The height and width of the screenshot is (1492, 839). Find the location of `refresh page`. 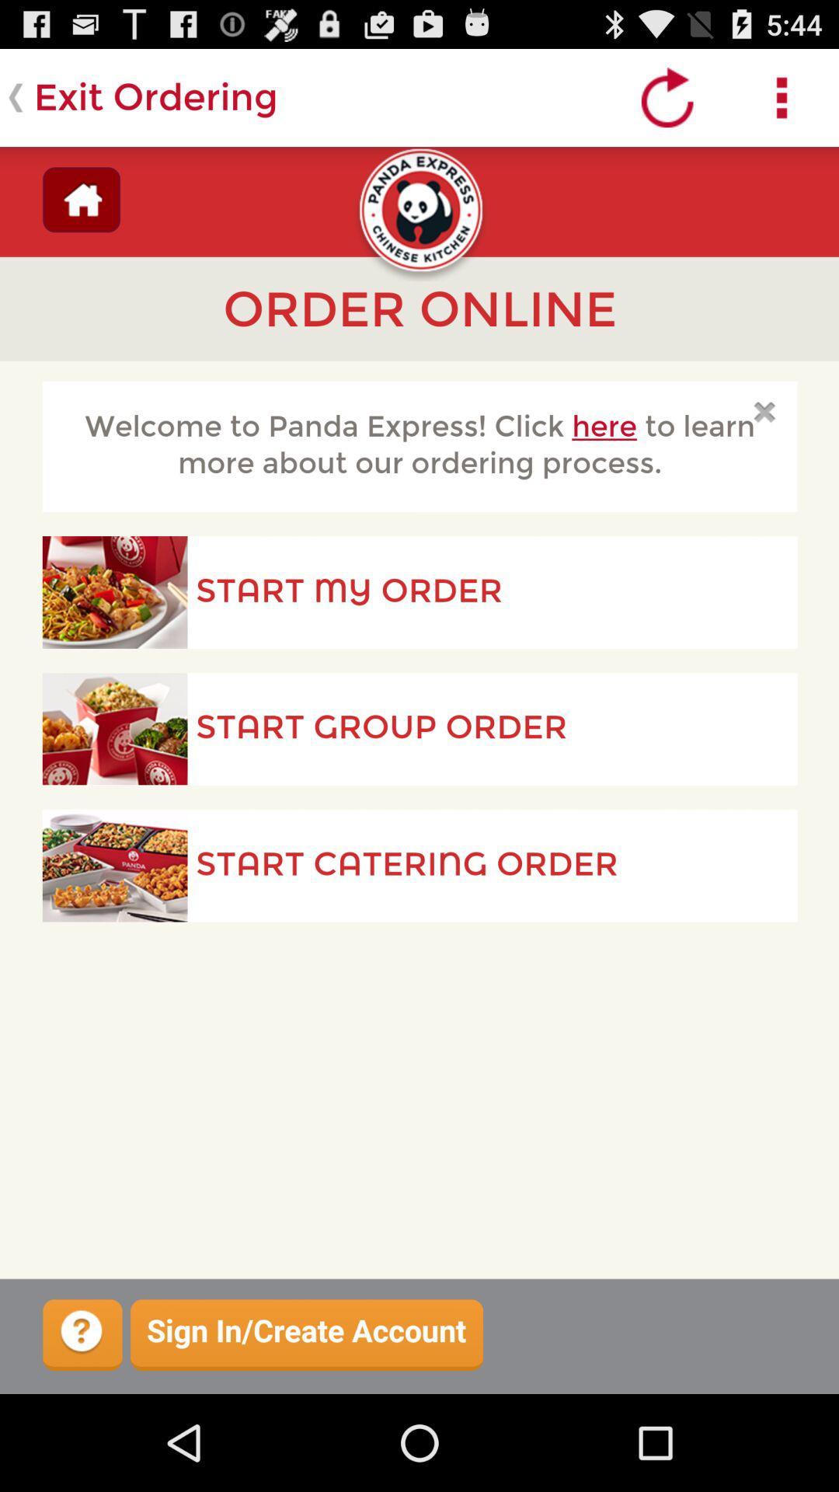

refresh page is located at coordinates (667, 96).